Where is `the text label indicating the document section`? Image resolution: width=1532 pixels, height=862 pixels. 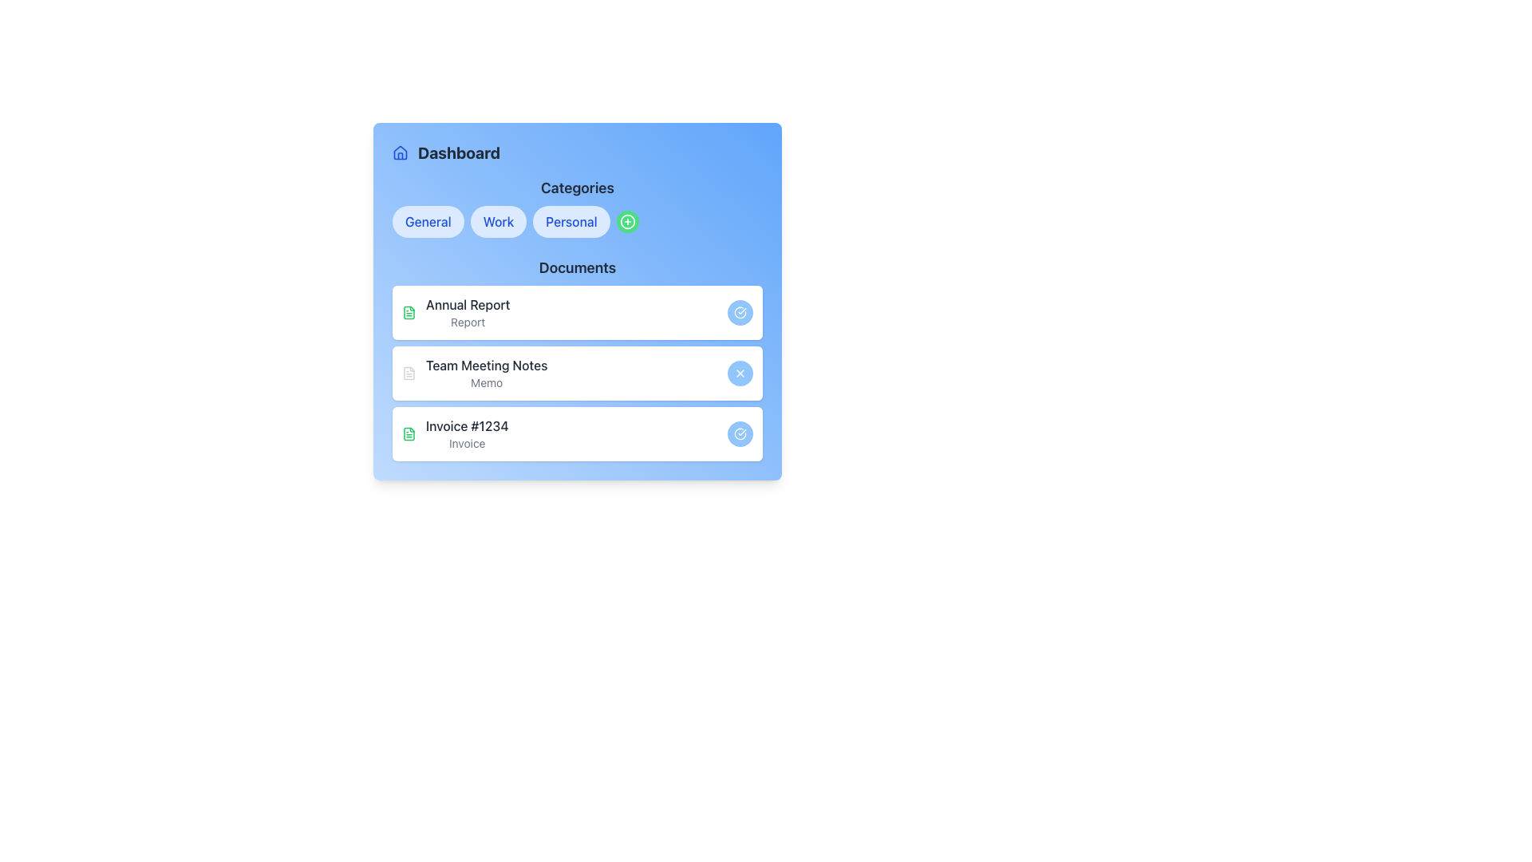 the text label indicating the document section is located at coordinates (577, 267).